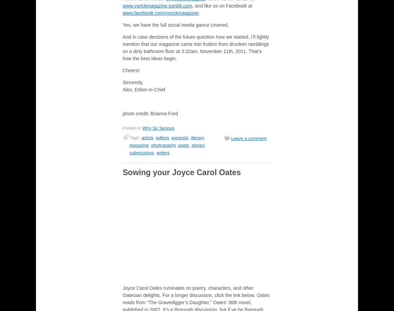  I want to click on 'literary', so click(197, 138).